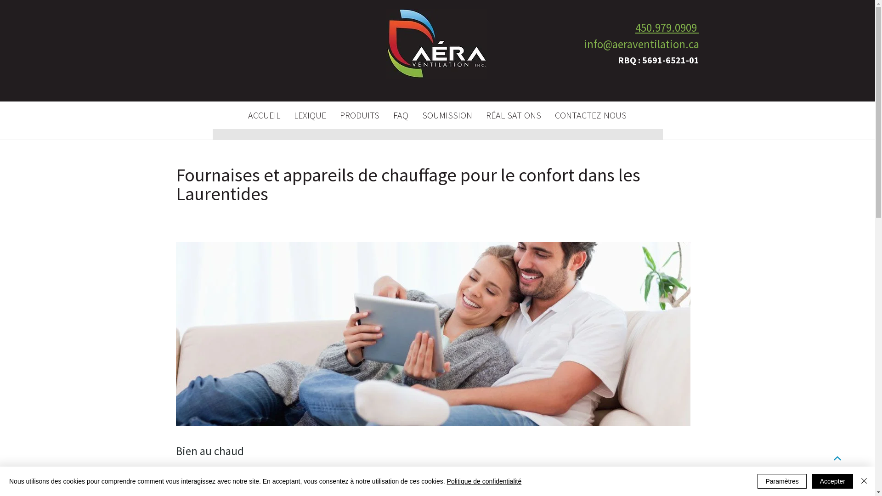  I want to click on 'LEXIQUE', so click(309, 114).